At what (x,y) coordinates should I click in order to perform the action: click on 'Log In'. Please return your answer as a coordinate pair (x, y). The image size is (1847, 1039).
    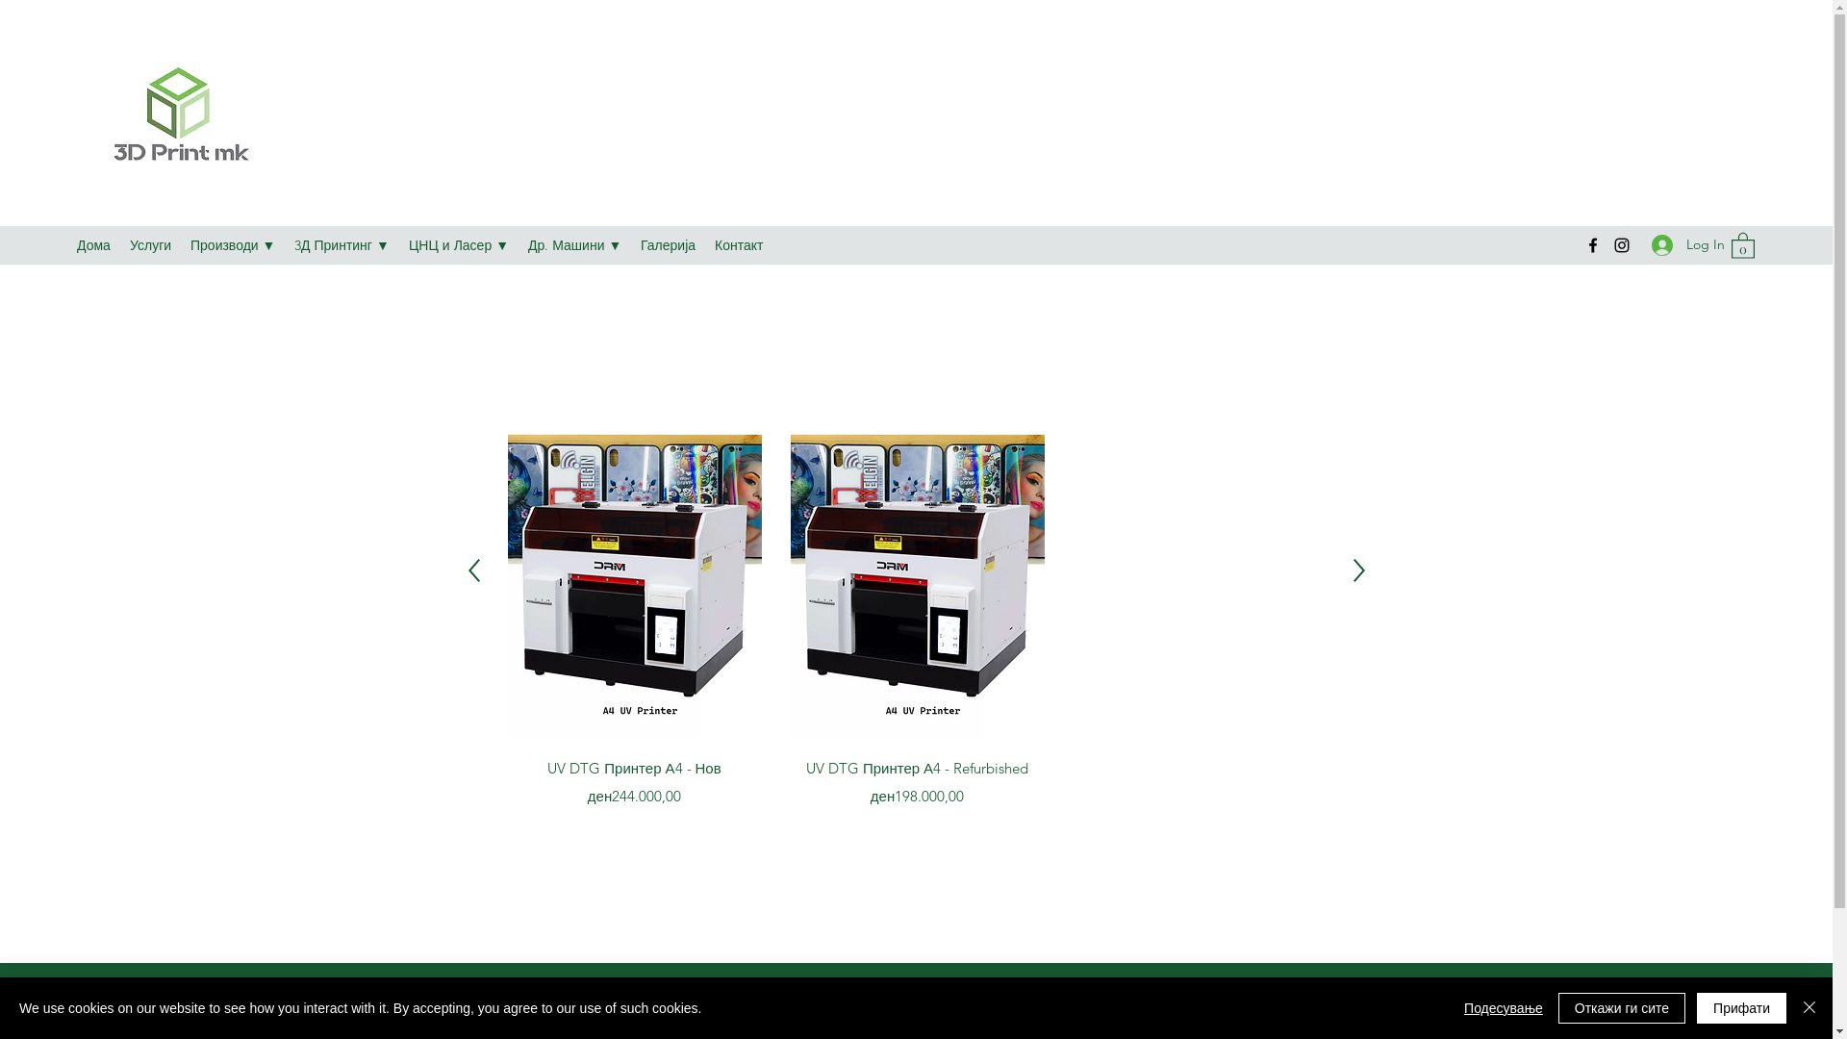
    Looking at the image, I should click on (1680, 243).